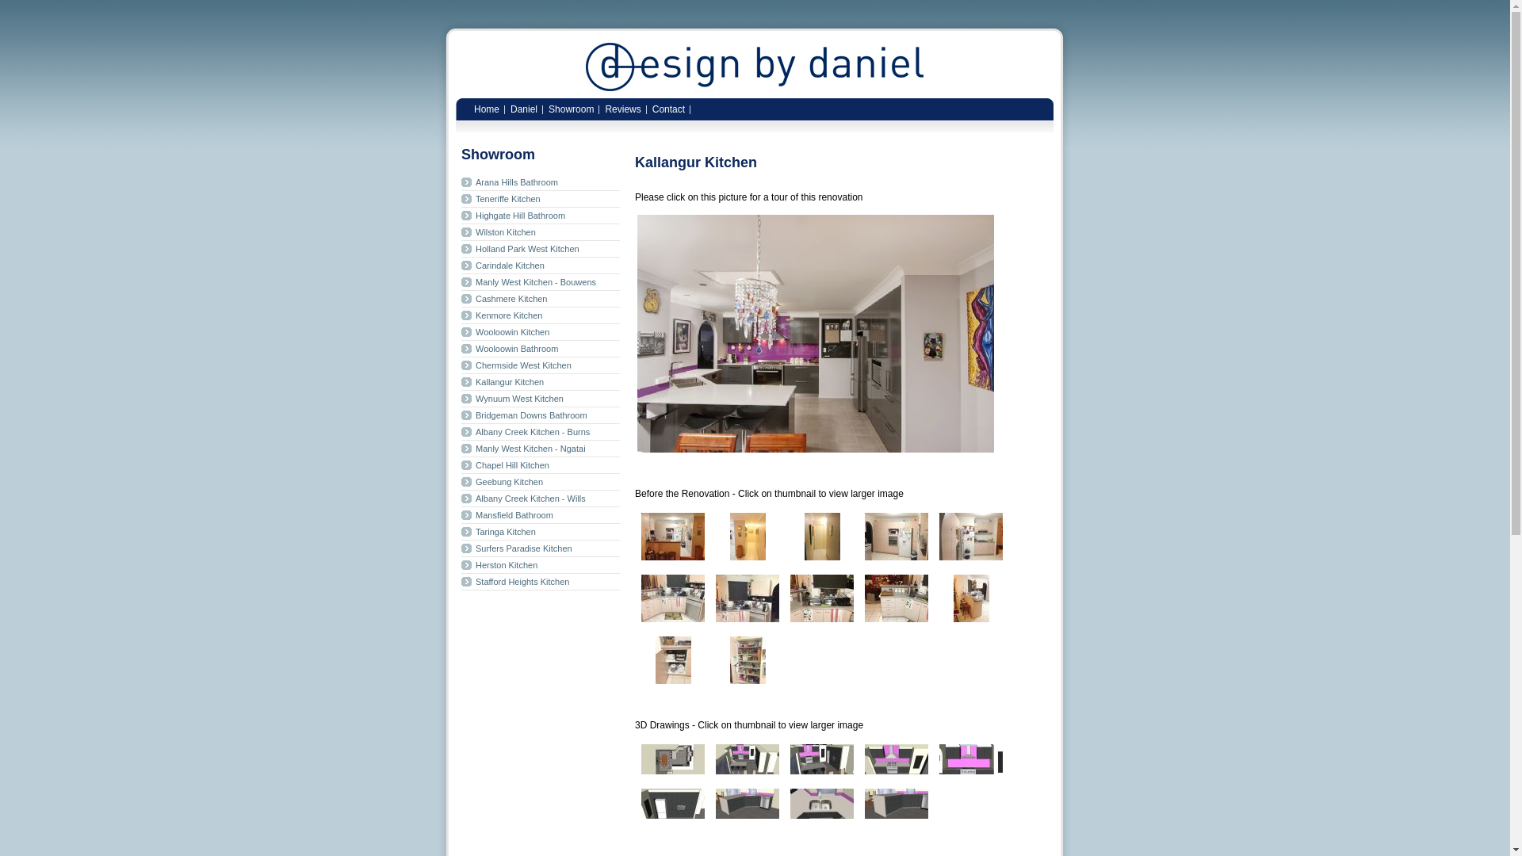 This screenshot has height=856, width=1522. What do you see at coordinates (540, 216) in the screenshot?
I see `'Highgate Hill Bathroom'` at bounding box center [540, 216].